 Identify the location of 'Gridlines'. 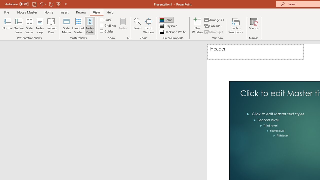
(108, 25).